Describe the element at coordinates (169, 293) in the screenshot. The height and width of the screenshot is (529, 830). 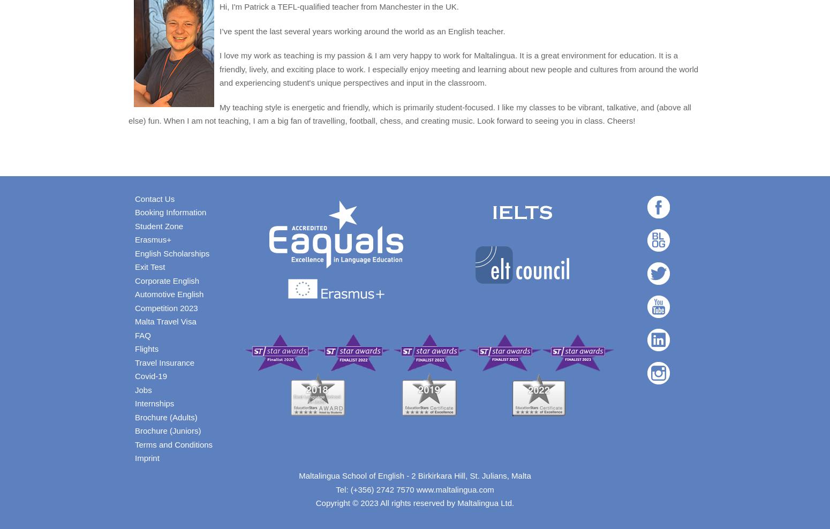
I see `'Automotive English'` at that location.